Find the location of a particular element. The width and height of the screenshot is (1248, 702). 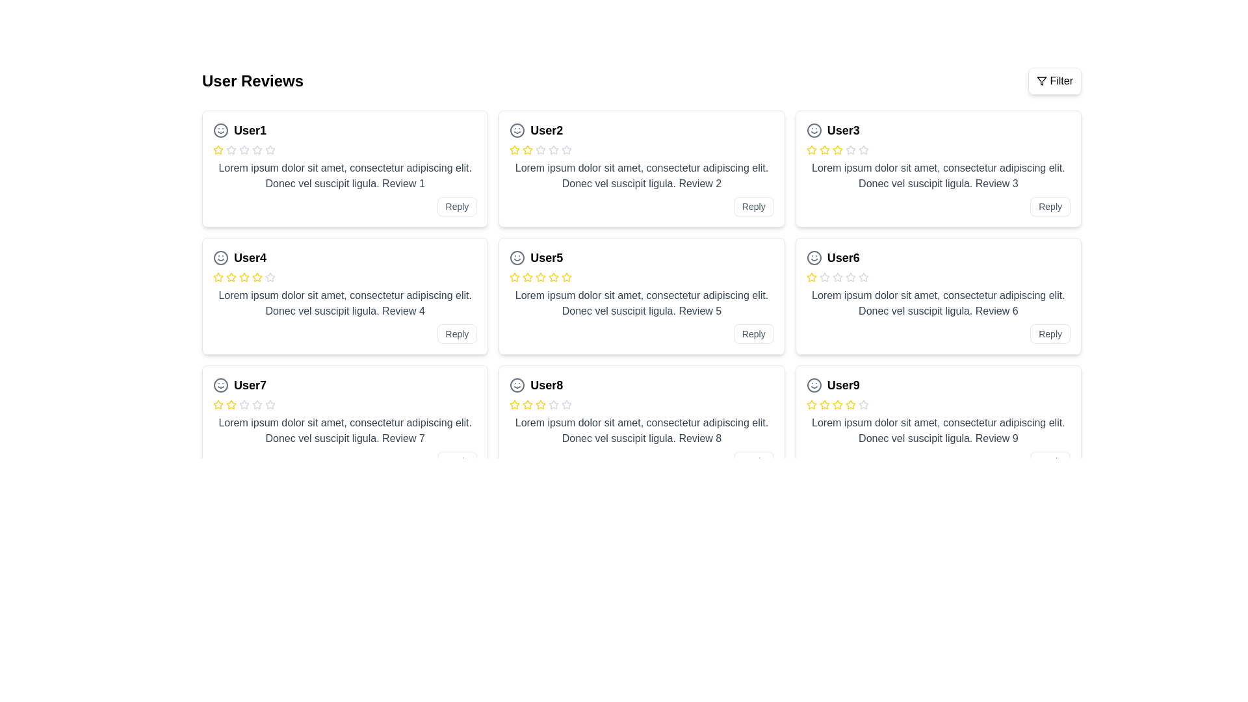

the fifth star icon in the rating sequence under the review titled 'User8' to rate is located at coordinates (541, 404).